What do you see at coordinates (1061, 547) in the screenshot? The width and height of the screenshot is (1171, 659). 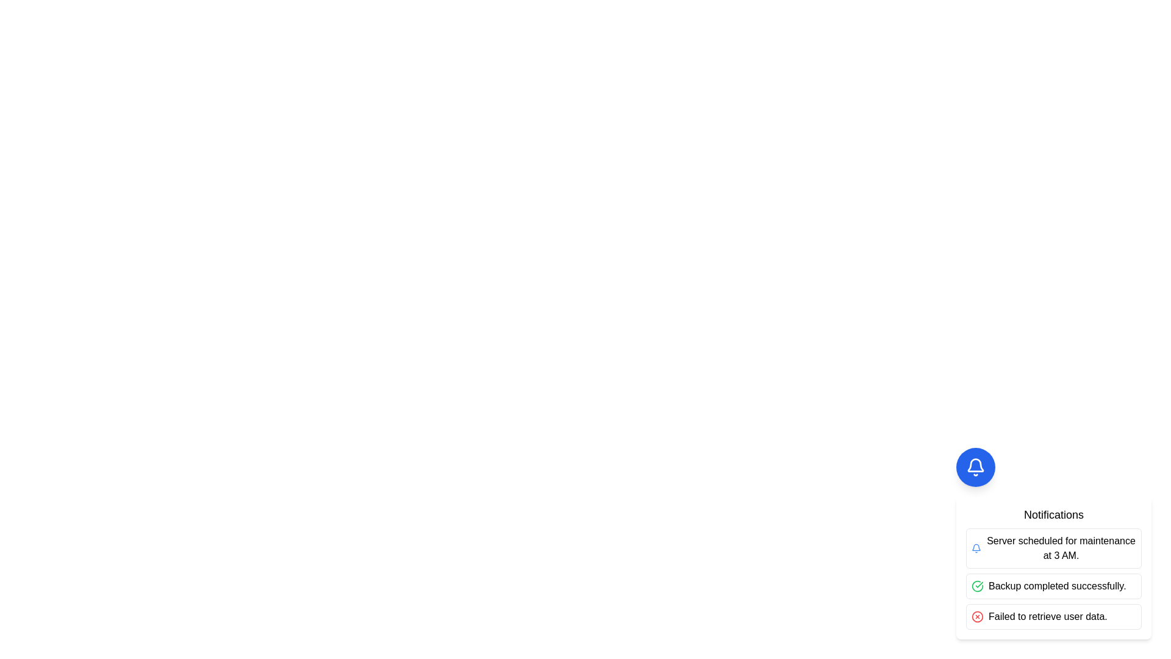 I see `alert message displayed in the notification section below the blue bell icon, which notifies the user of an upcoming maintenance schedule` at bounding box center [1061, 547].